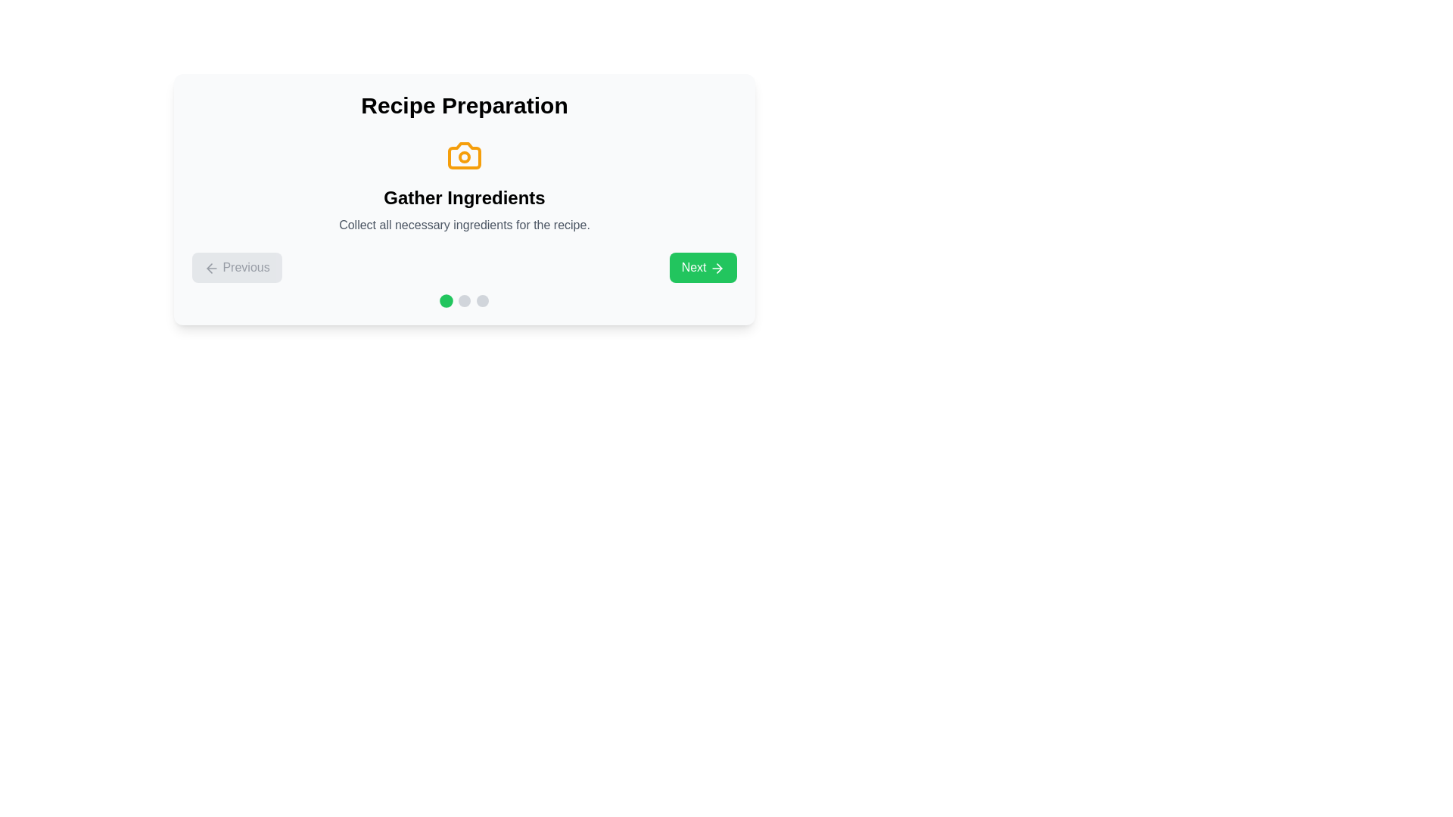  Describe the element at coordinates (464, 225) in the screenshot. I see `instruction text 'Collect all necessary ingredients for the recipe.' which is styled in gray and located below the 'Gather Ingredients' heading` at that location.